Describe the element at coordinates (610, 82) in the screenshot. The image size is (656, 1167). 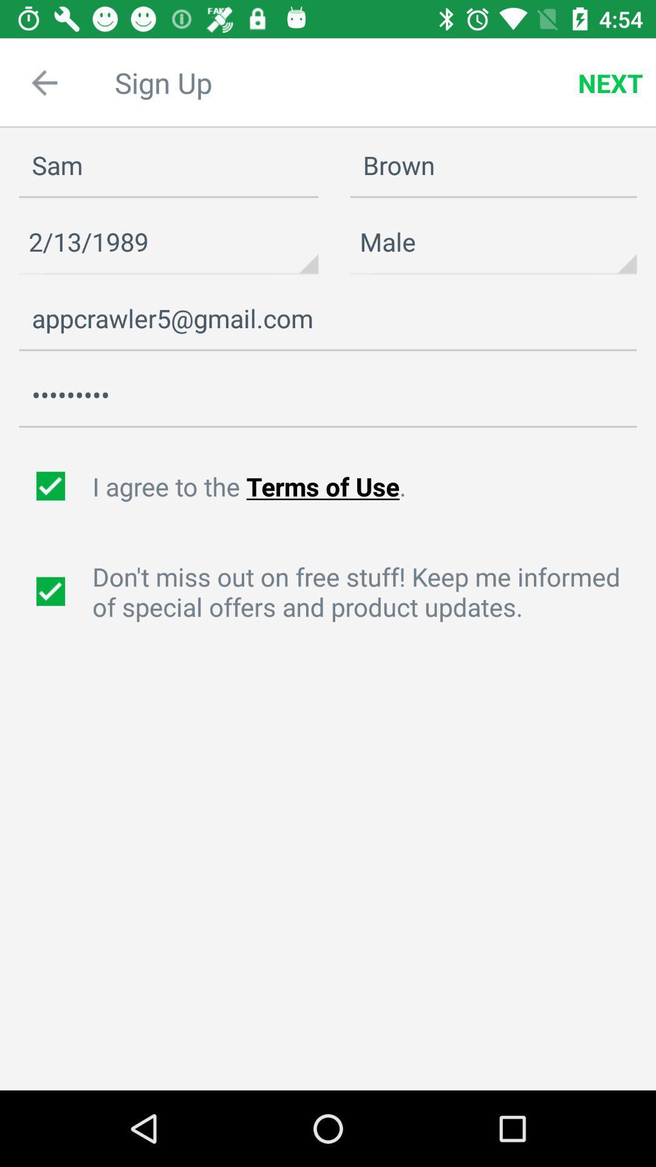
I see `icon next to the sam item` at that location.